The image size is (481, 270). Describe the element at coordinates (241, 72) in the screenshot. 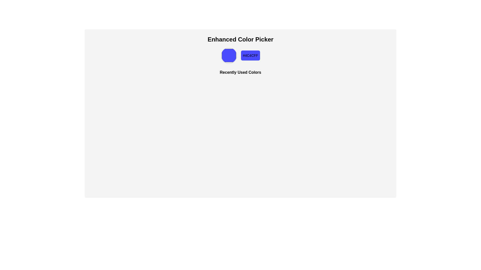

I see `the 'Recently Used Colors' text label, which is a bold black text on a light gray background, serving as a header for a section` at that location.